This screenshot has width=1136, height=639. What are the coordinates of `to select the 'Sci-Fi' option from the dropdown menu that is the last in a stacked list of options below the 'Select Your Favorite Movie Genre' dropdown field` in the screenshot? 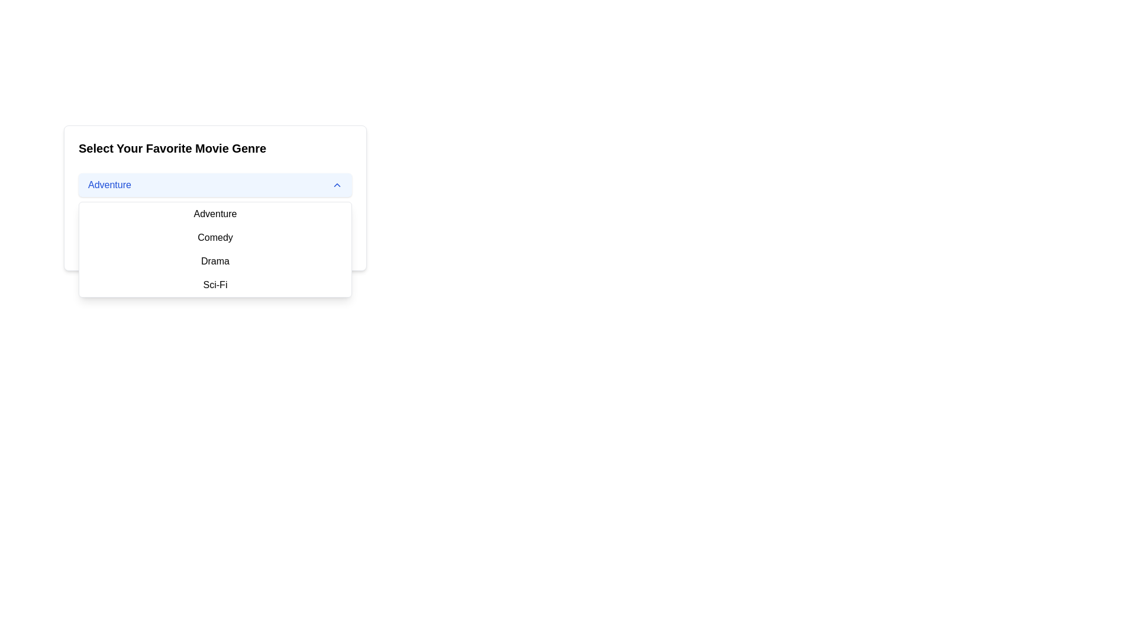 It's located at (215, 285).